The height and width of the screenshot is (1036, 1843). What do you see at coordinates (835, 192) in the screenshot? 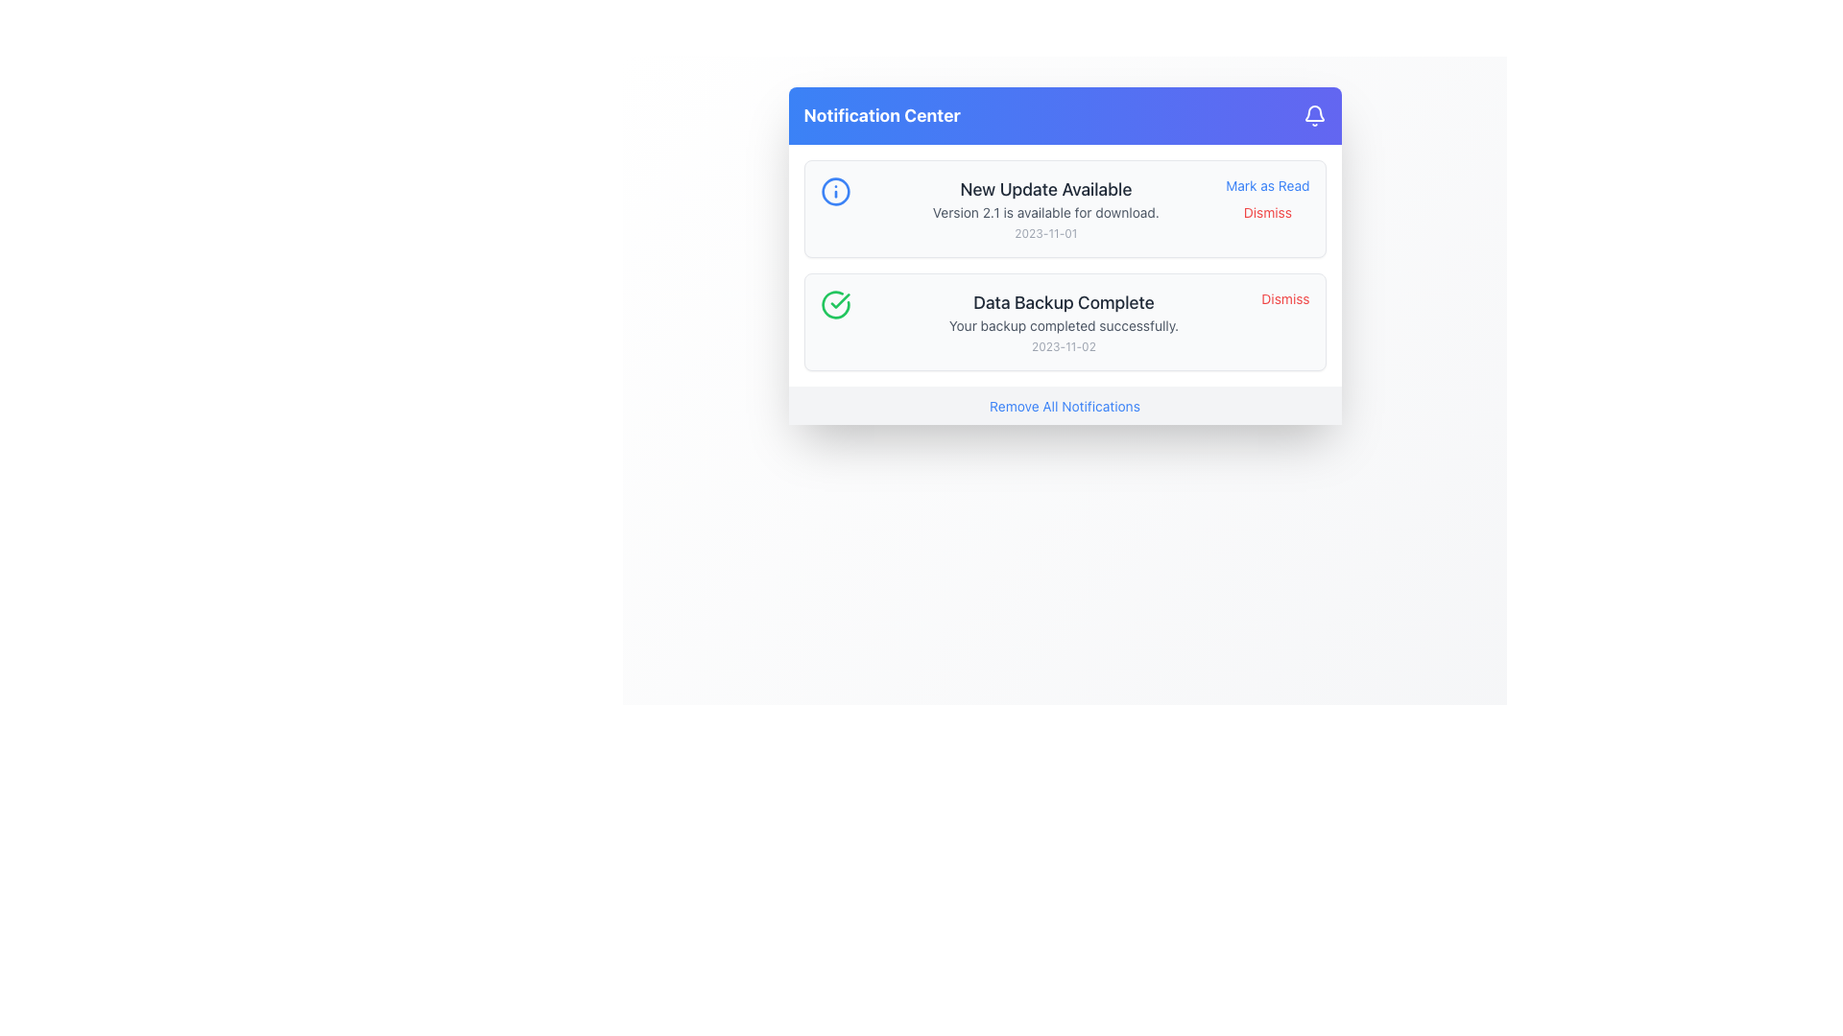
I see `the informational icon located to the left of the 'New Update Available' text in the notification center's card layout` at bounding box center [835, 192].